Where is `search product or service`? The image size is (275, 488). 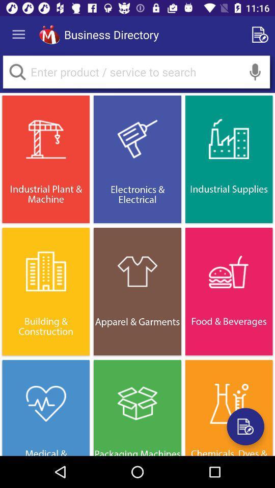 search product or service is located at coordinates (17, 71).